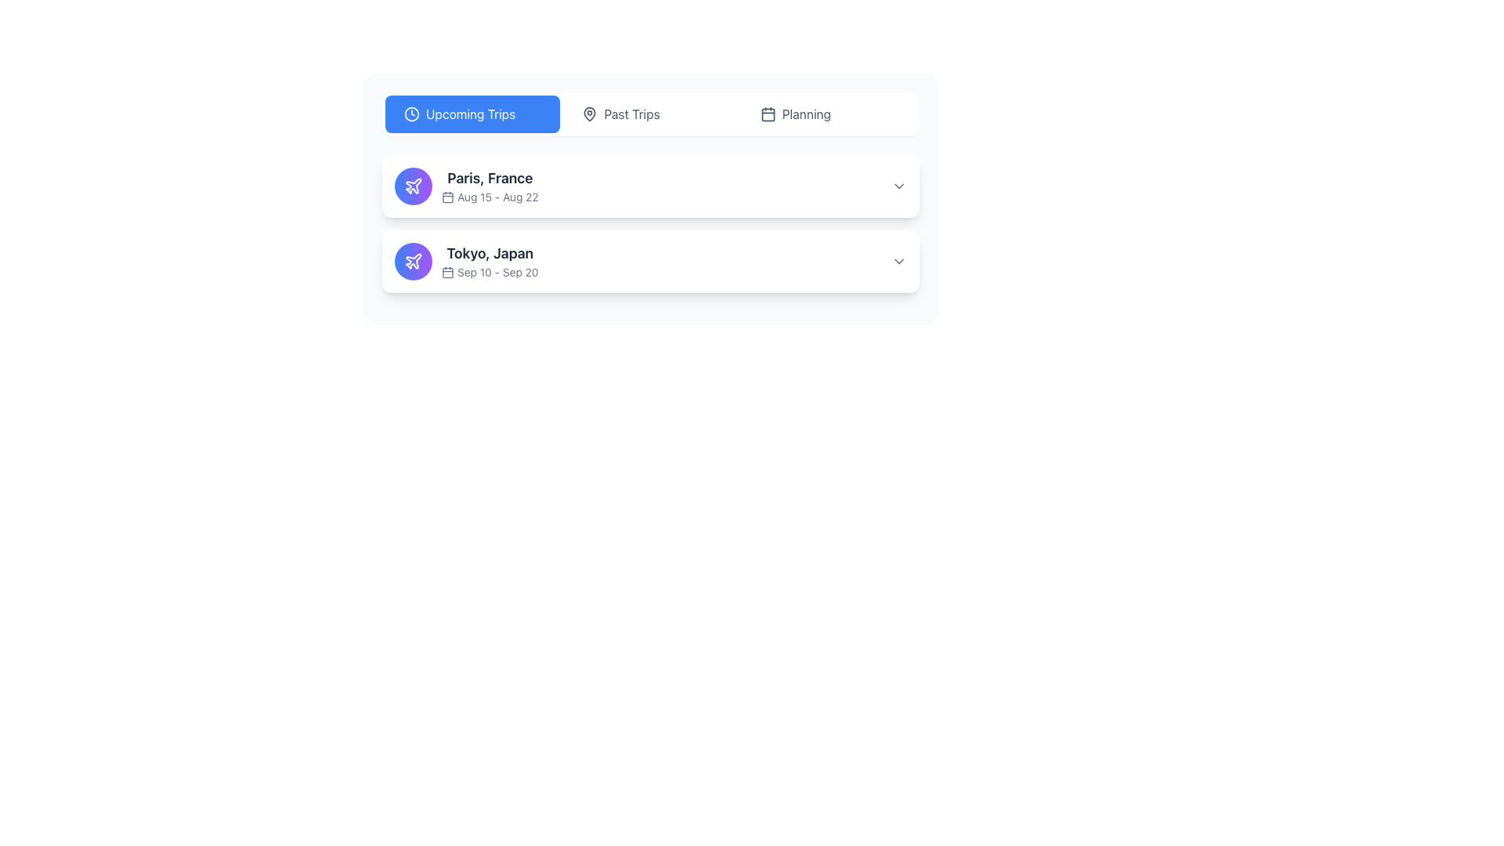 This screenshot has height=846, width=1504. I want to click on the airplane icon associated with the 'Tokyo, Japan' trip entry, so click(414, 186).